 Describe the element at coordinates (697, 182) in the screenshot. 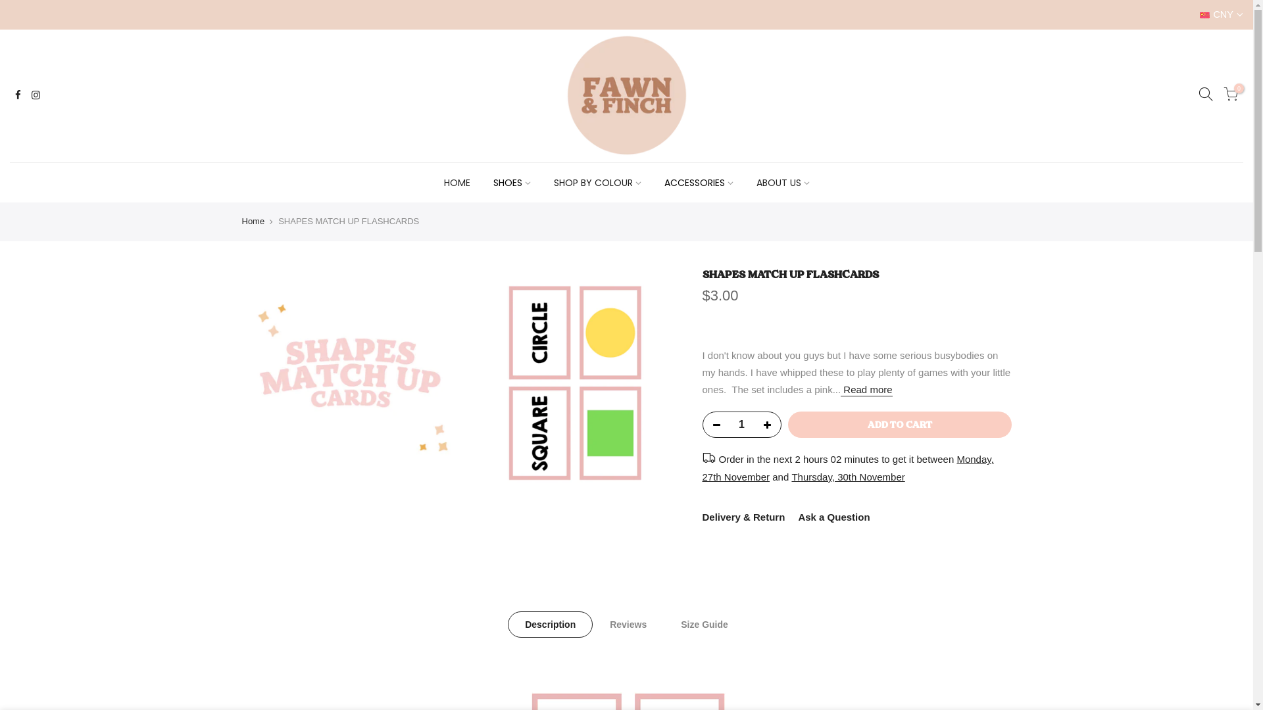

I see `'ACCESSORIES'` at that location.